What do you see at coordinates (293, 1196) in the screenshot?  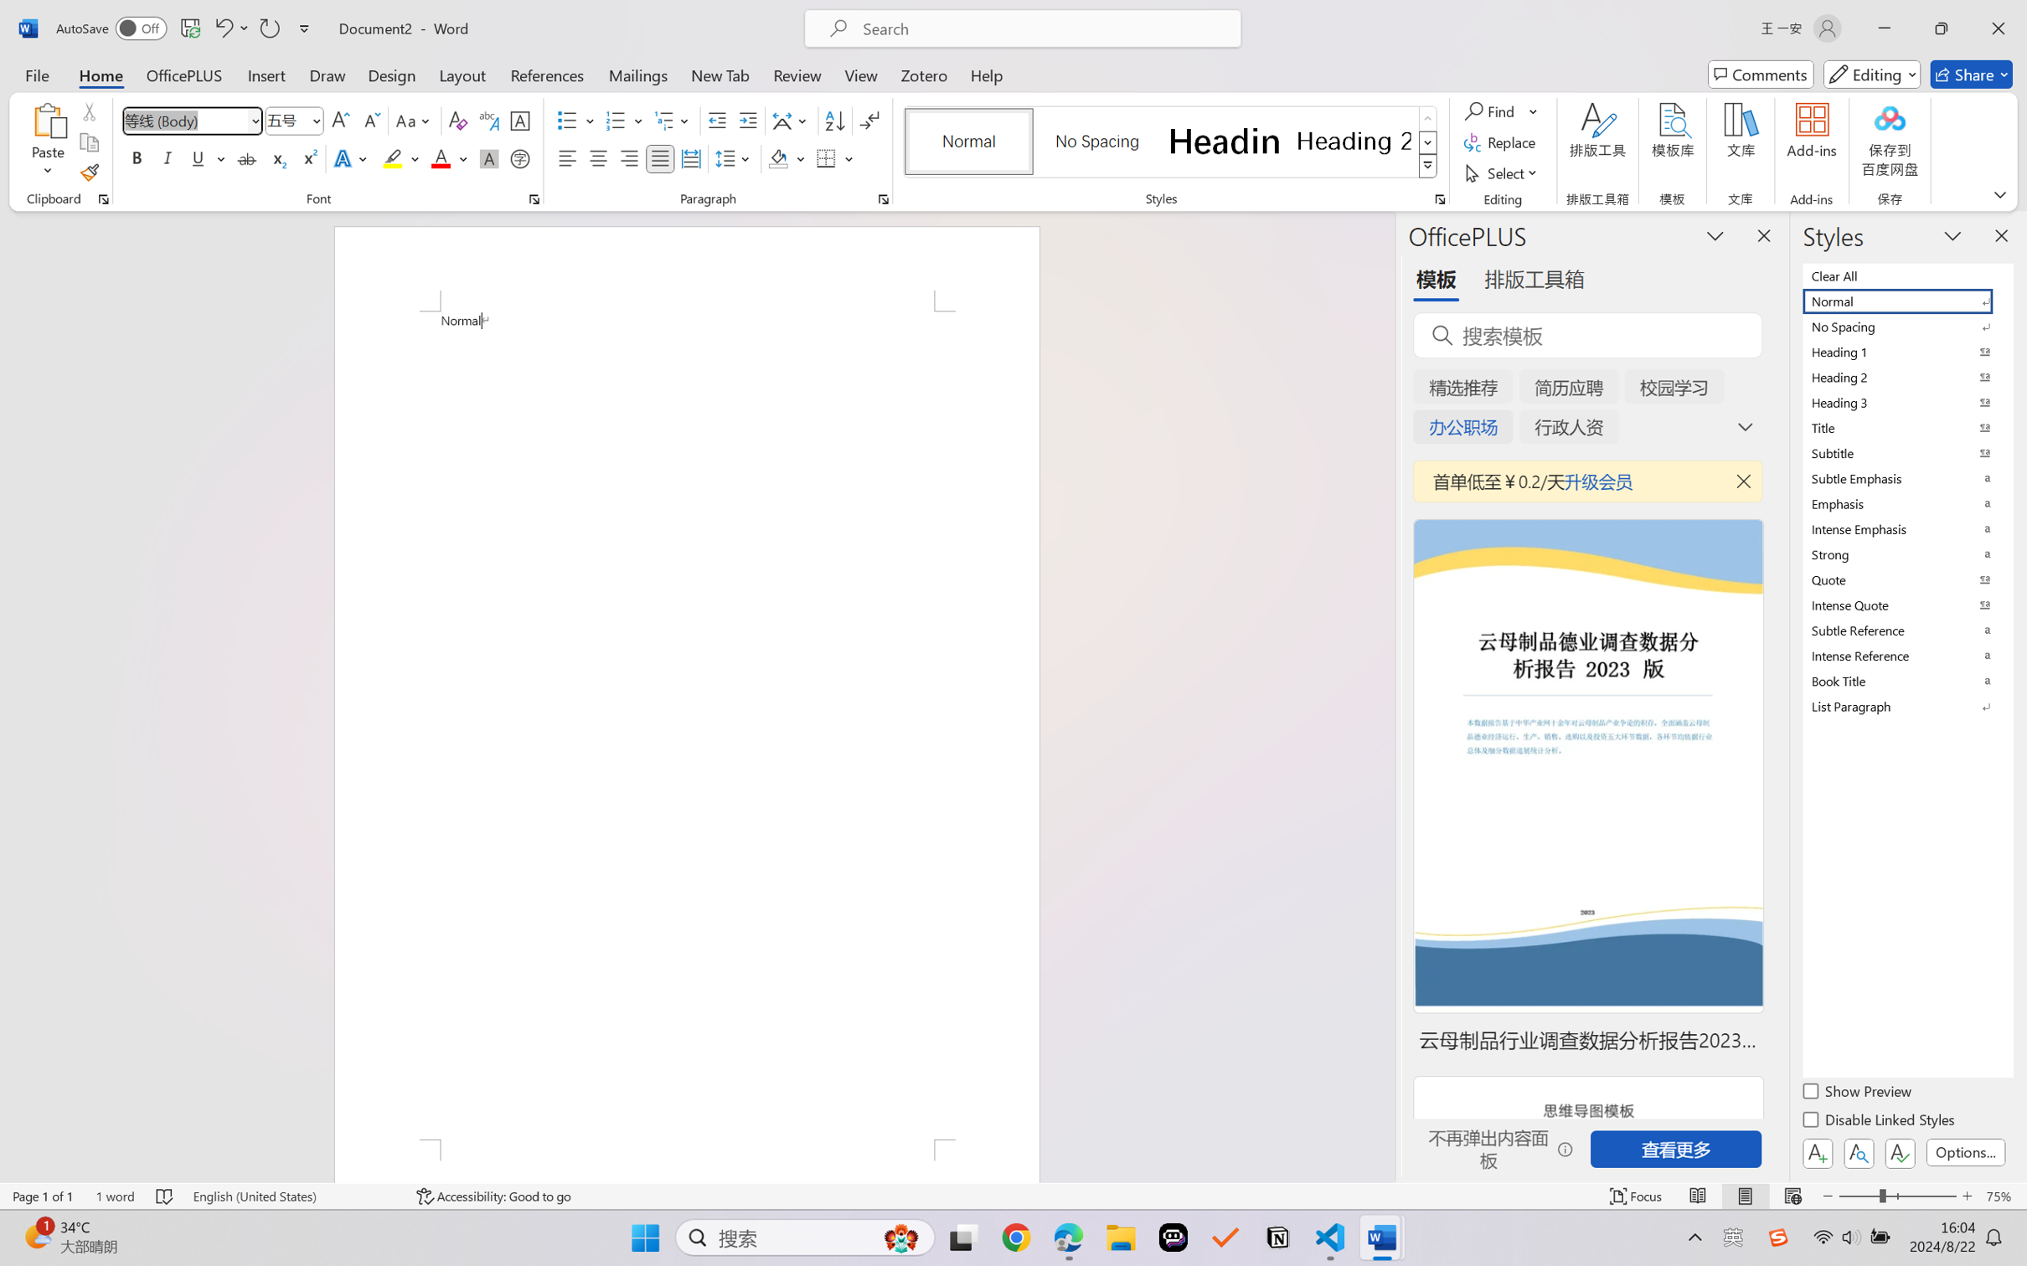 I see `'Language English (United States)'` at bounding box center [293, 1196].